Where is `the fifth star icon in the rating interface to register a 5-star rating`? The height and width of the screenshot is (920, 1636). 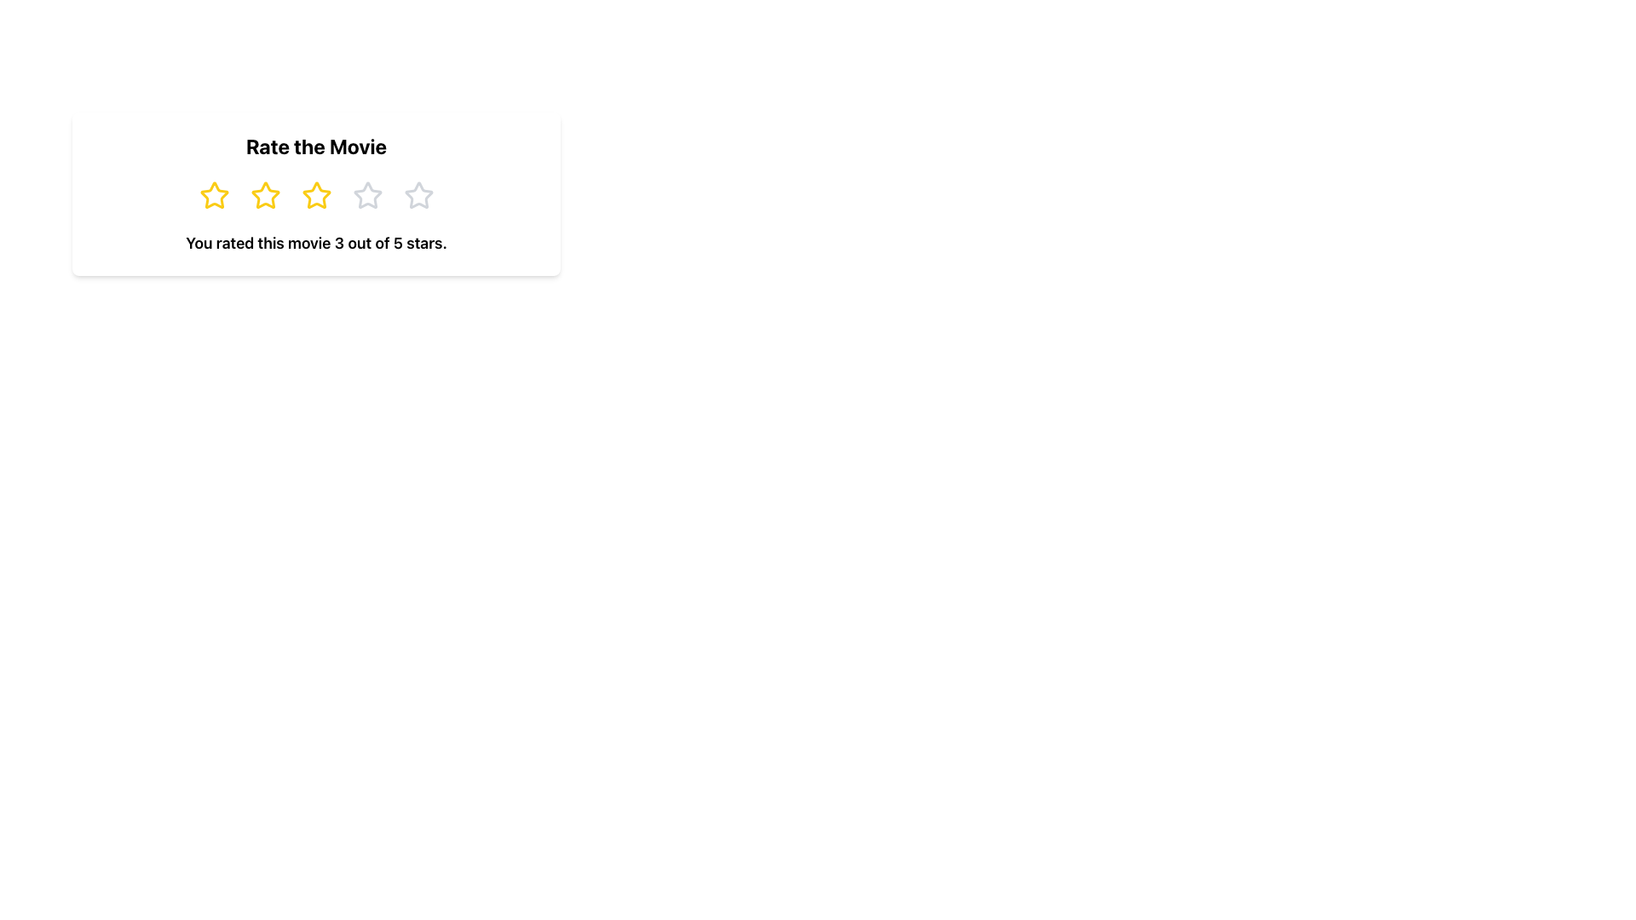
the fifth star icon in the rating interface to register a 5-star rating is located at coordinates (418, 195).